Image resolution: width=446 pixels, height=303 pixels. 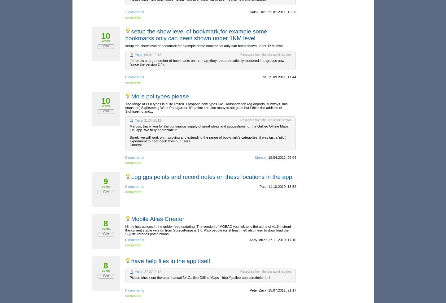 I want to click on 'More poi types please', so click(x=159, y=96).